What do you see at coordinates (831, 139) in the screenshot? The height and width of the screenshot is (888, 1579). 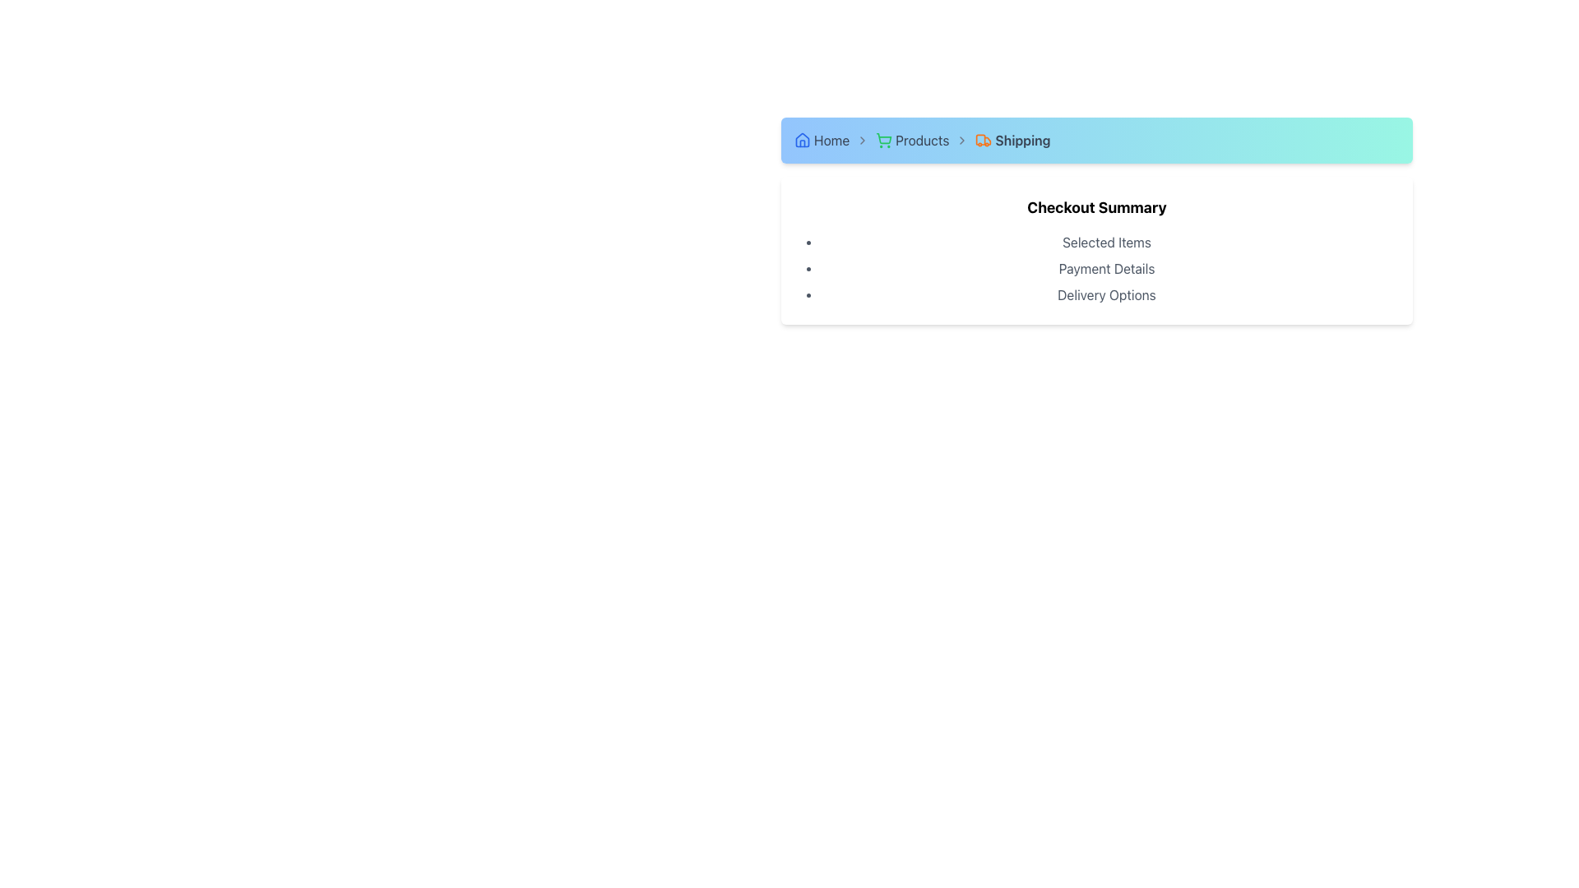 I see `the 'Home' label in the breadcrumb navigation bar, which indicates the user's current position and is located between the home icon and the 'Products' text` at bounding box center [831, 139].